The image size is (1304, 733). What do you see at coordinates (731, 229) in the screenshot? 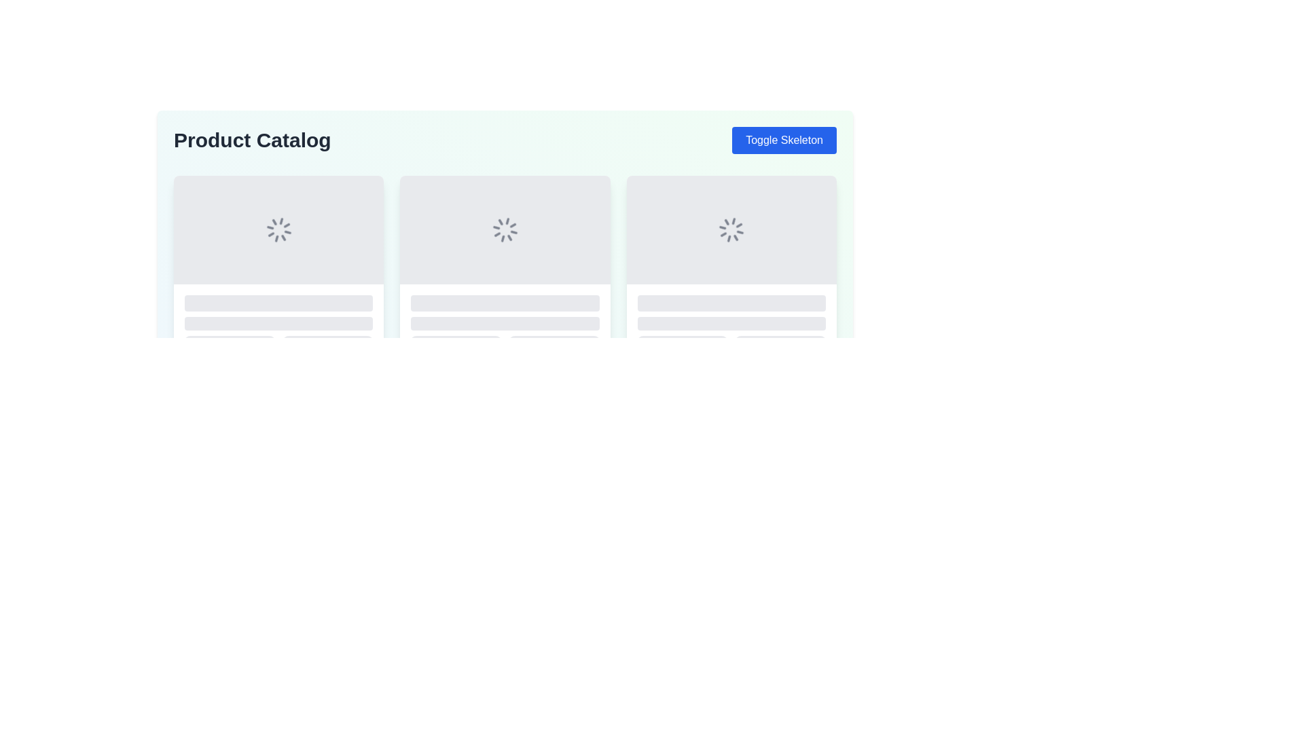
I see `the loading spinner located in the third card of a horizontally arranged sequence, indicating that data is being processed` at bounding box center [731, 229].